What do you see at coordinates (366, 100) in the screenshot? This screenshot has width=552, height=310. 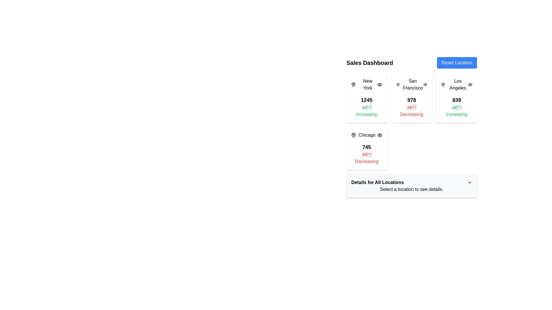 I see `the numeric static text element displaying '1245' located in the upper-central part of the interface within the first card under the label 'New York'` at bounding box center [366, 100].